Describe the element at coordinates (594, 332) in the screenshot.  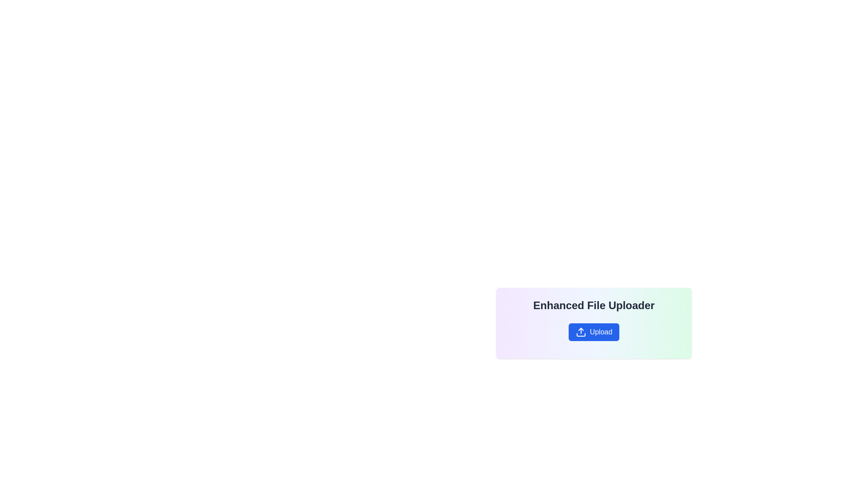
I see `the button that triggers the file upload action, located beneath the text 'Enhanced File Uploader'` at that location.